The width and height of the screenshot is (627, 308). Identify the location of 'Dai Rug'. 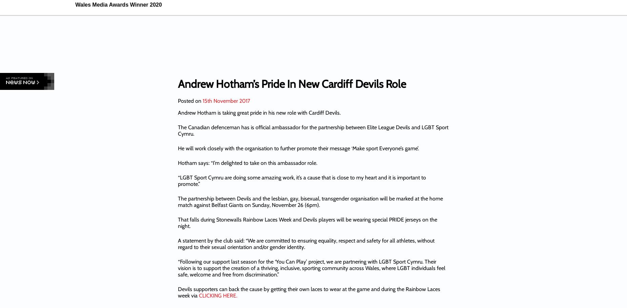
(410, 38).